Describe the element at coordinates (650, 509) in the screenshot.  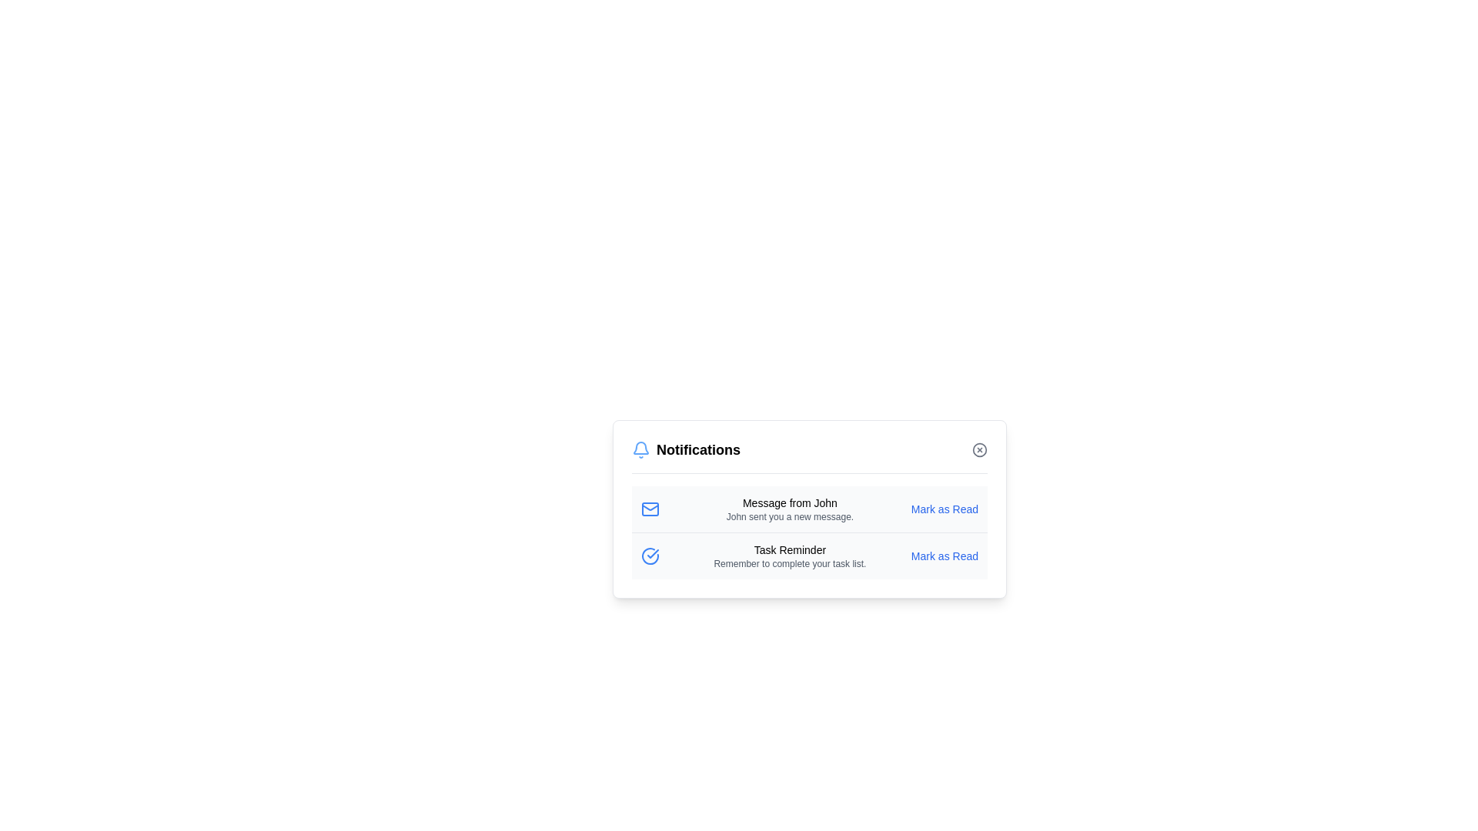
I see `the decorative rectangular icon within the SVG representation of the mail notification, which is part of the envelope design` at that location.